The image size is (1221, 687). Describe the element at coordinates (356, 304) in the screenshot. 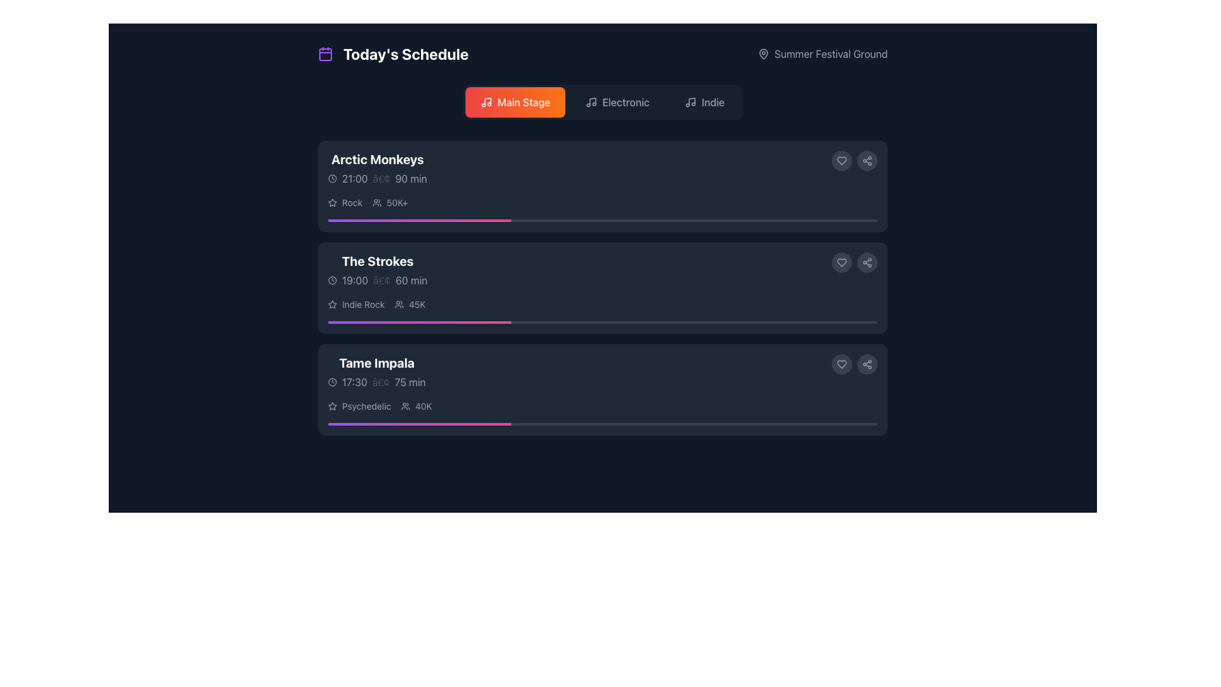

I see `the 'Indie Rock' text label with an icon located in the second row of metadata beneath 'The Strokes' title to interpret its content` at that location.